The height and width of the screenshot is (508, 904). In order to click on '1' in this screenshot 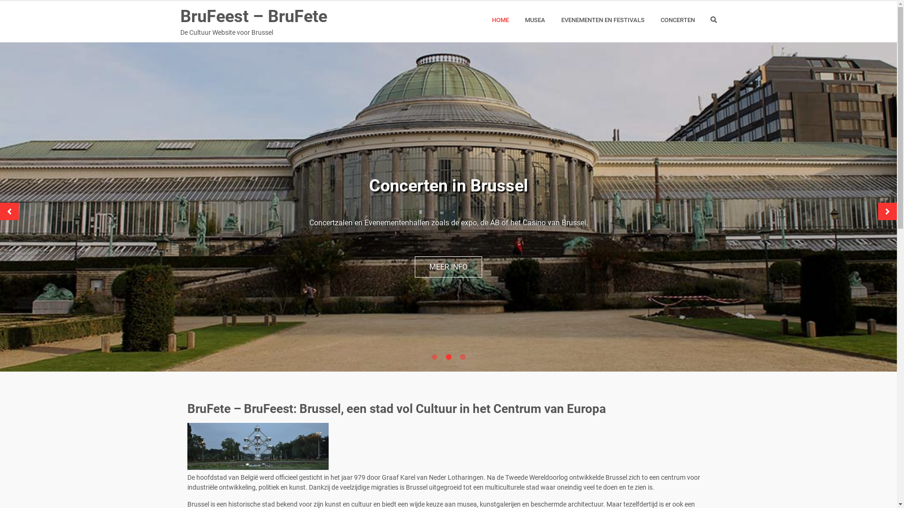, I will do `click(433, 357)`.